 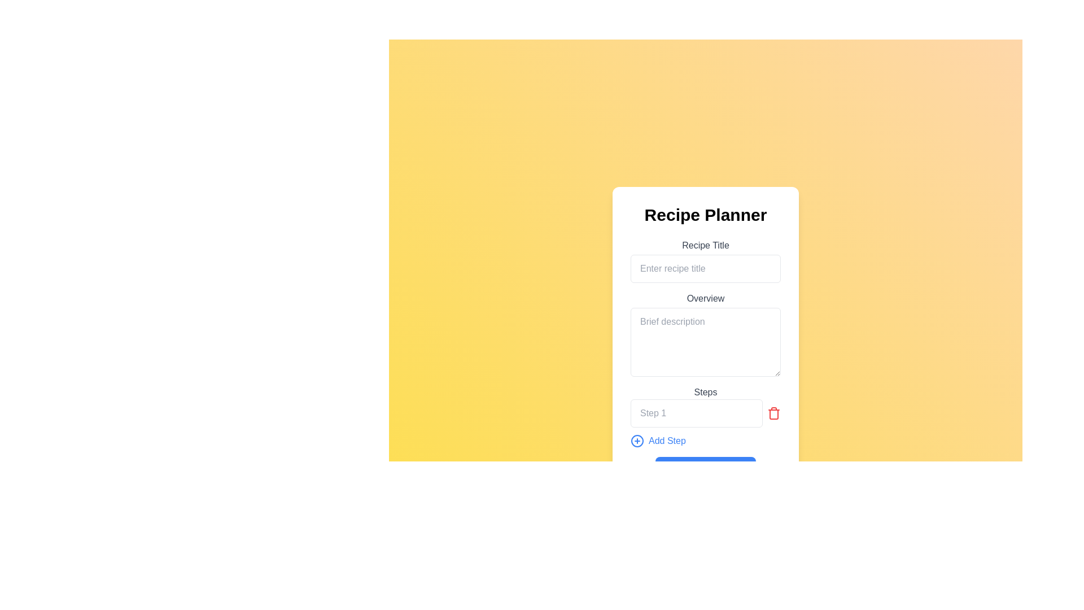 What do you see at coordinates (658, 440) in the screenshot?
I see `the 'Add Step' button located in the 'Steps Add Step' section, which is positioned below the 'Steps' label and next to the 'Step 1' input field` at bounding box center [658, 440].